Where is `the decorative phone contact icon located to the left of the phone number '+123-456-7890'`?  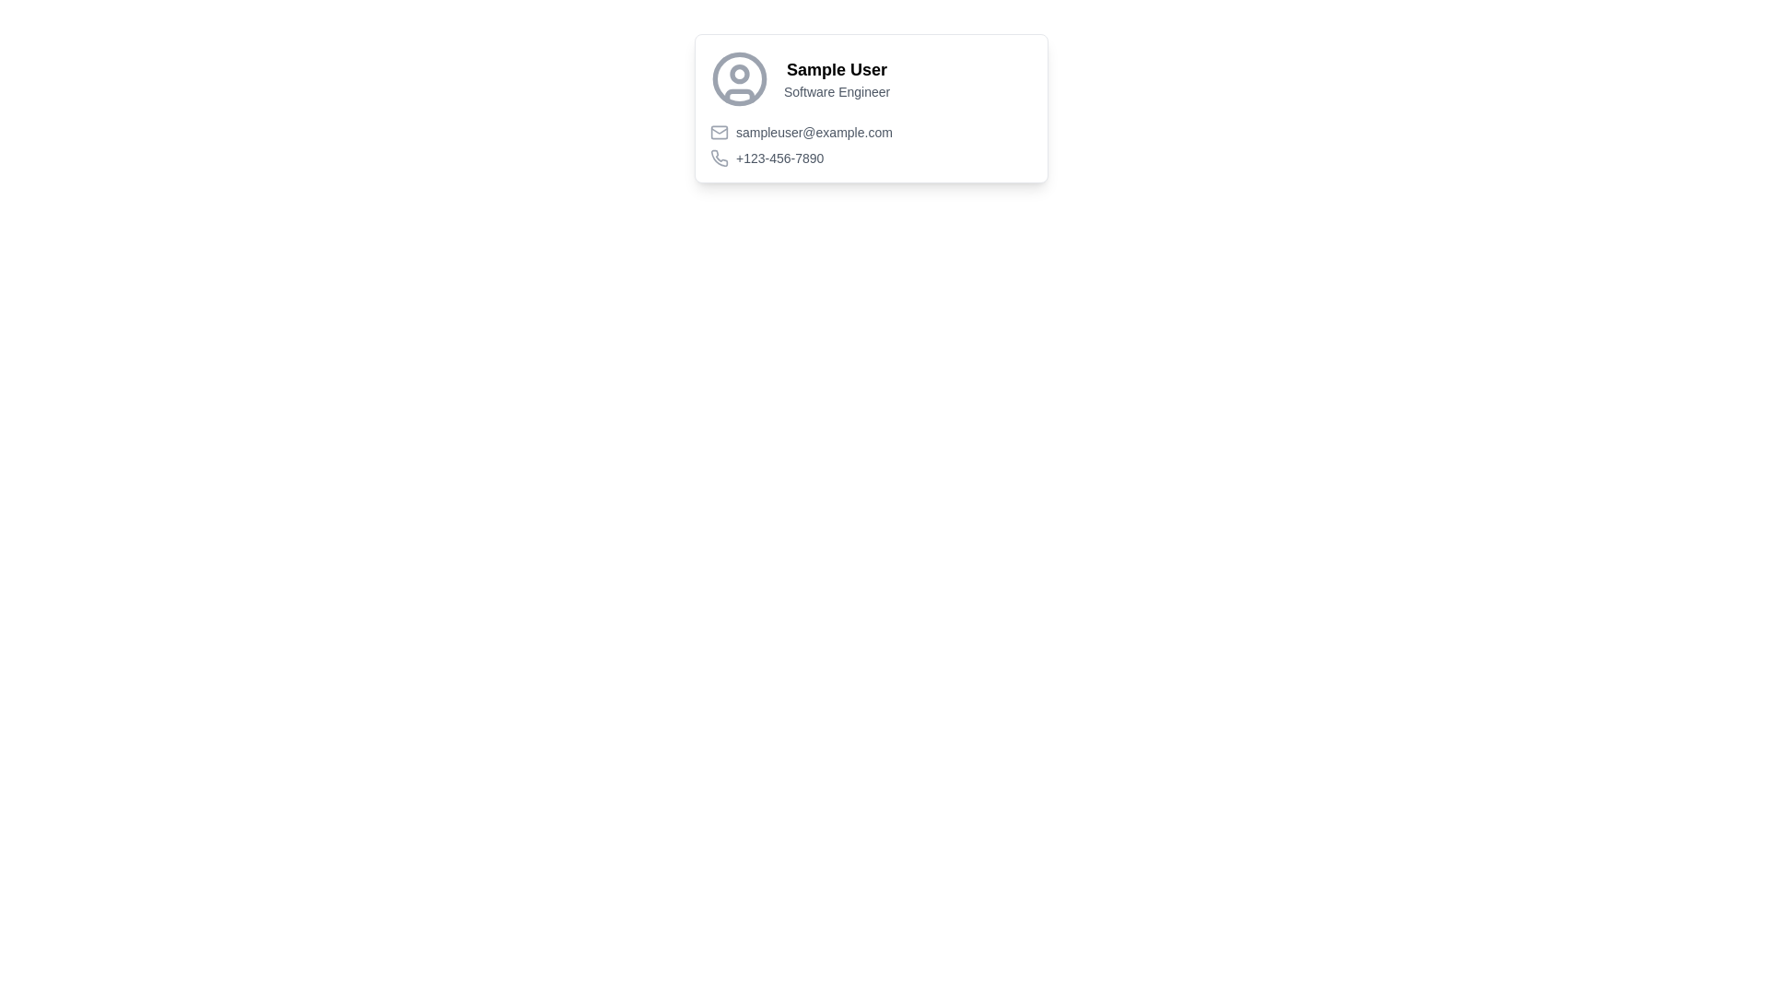 the decorative phone contact icon located to the left of the phone number '+123-456-7890' is located at coordinates (719, 157).